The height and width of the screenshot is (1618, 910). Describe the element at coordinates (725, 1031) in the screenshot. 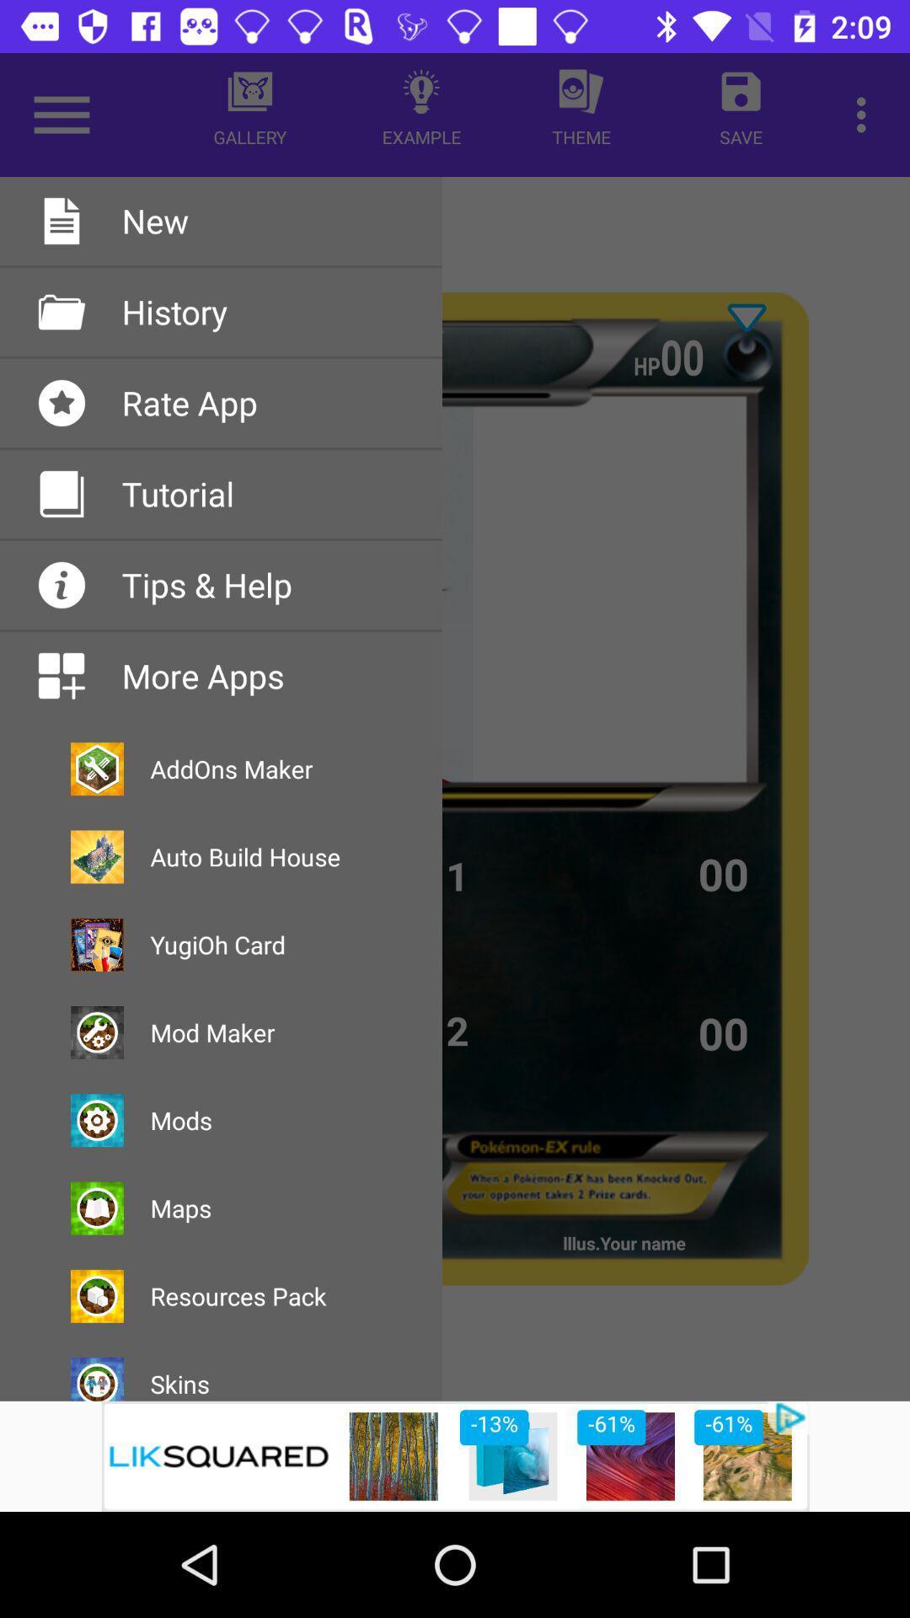

I see `the number 00 at right side of the number 2` at that location.